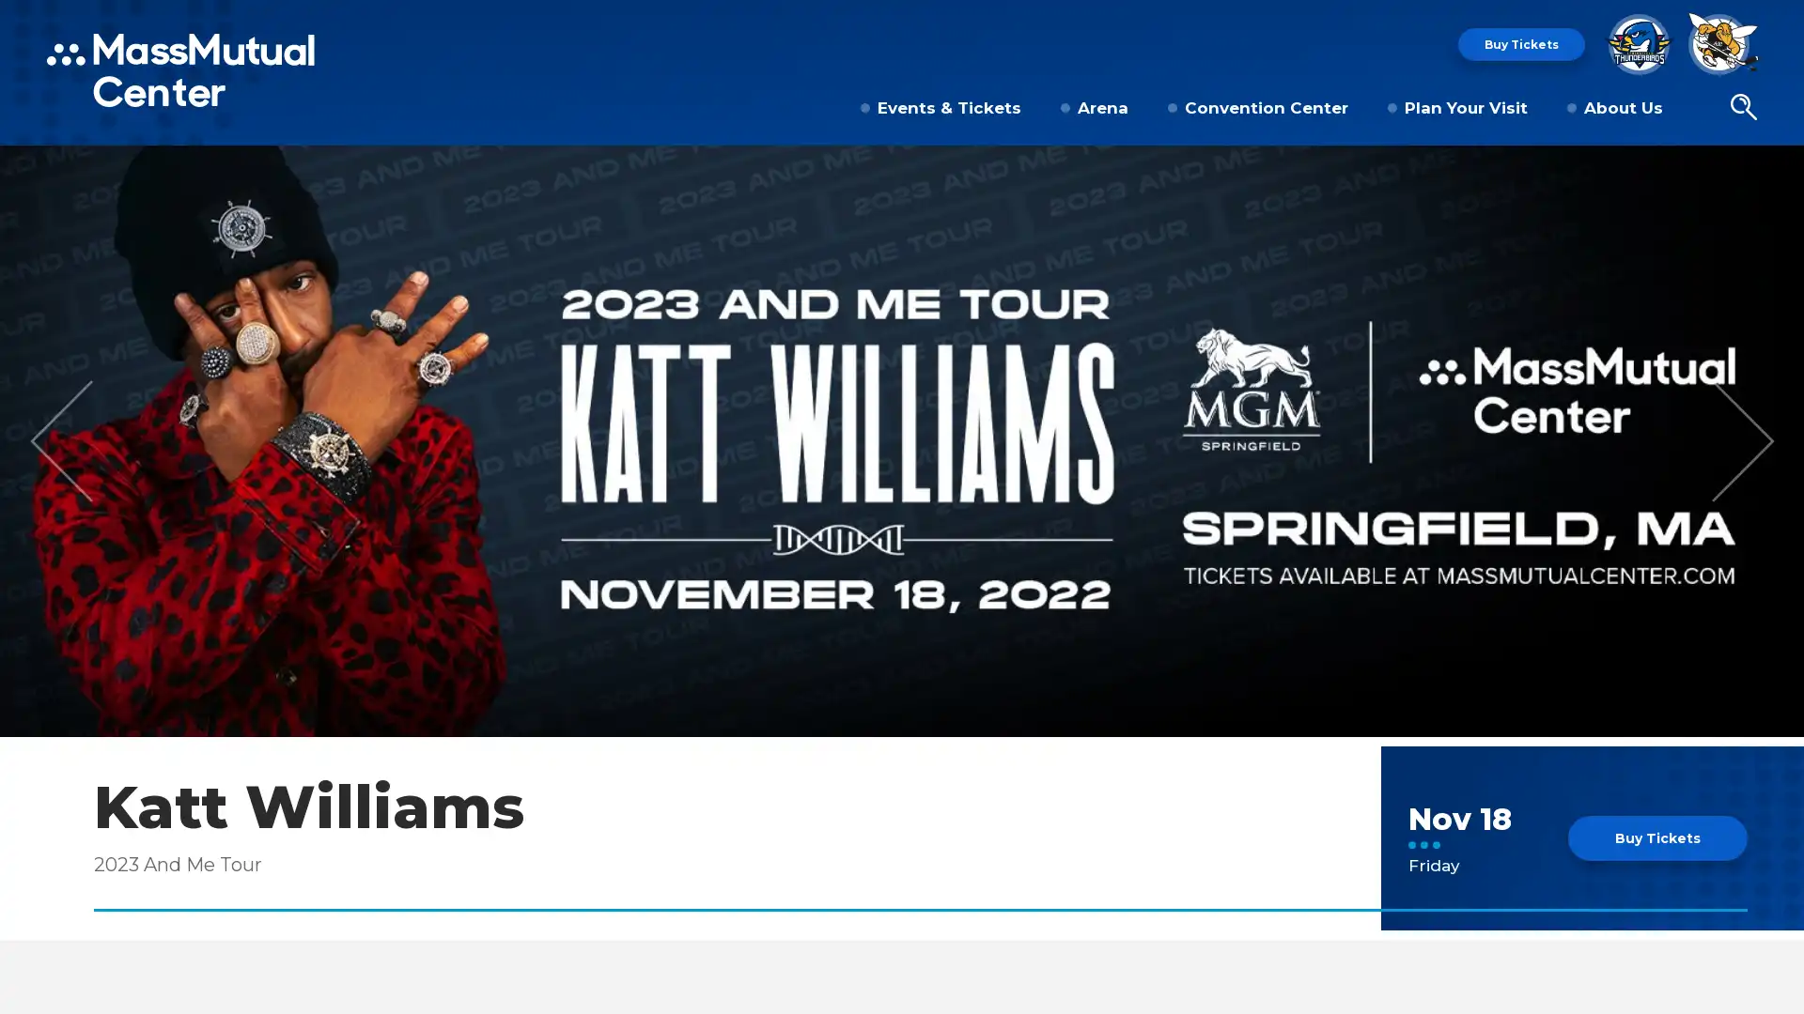 The height and width of the screenshot is (1014, 1804). What do you see at coordinates (1742, 108) in the screenshot?
I see `Toggle Search` at bounding box center [1742, 108].